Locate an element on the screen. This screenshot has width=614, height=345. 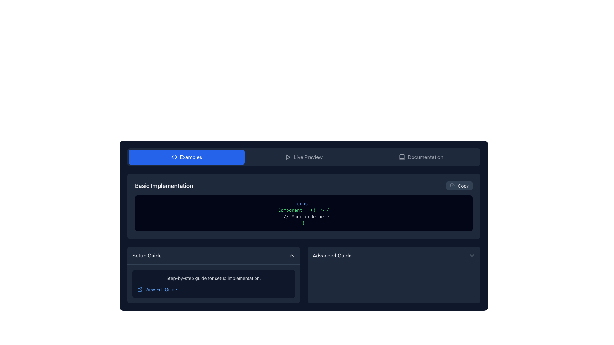
the 'Advanced Guide' label is located at coordinates (332, 255).